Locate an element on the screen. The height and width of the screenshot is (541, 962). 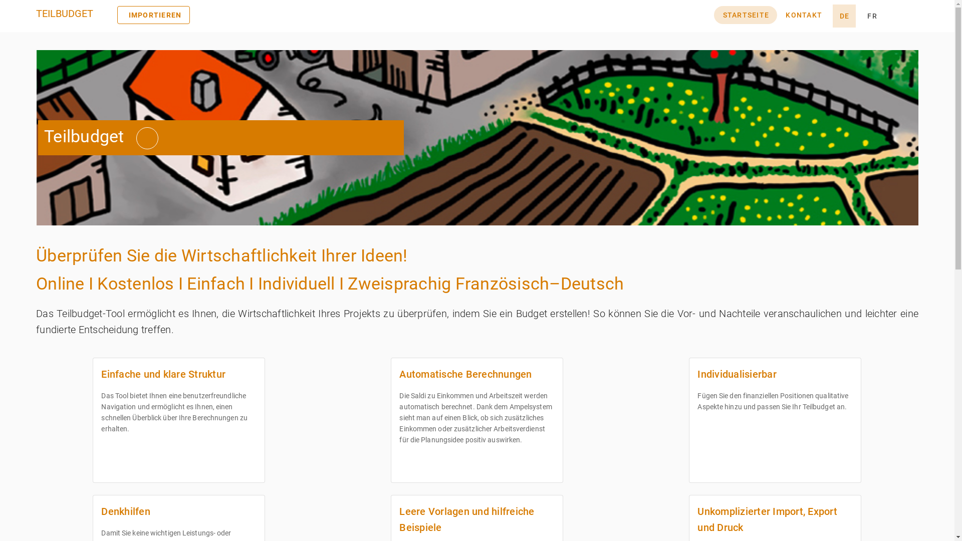
'DE' is located at coordinates (843, 16).